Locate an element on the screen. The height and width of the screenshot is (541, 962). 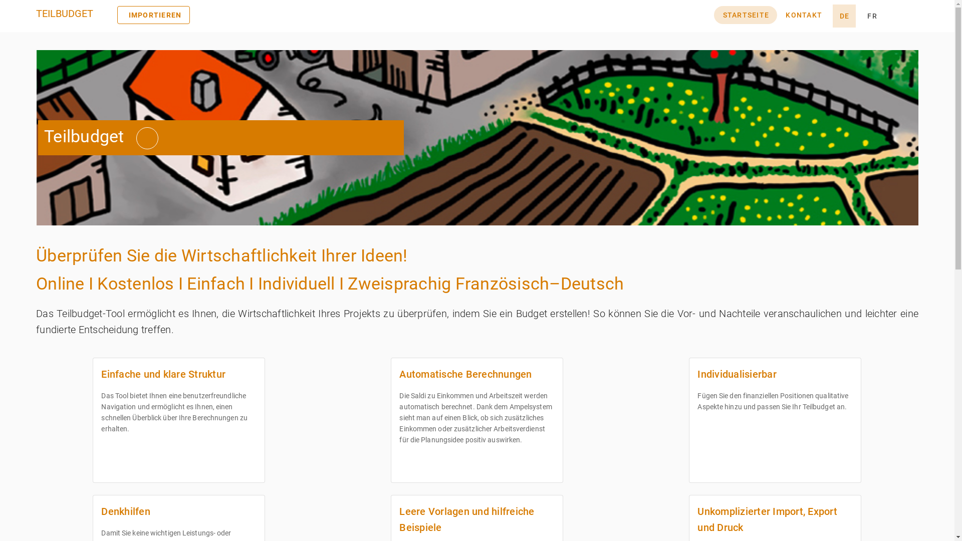
'DE' is located at coordinates (843, 16).